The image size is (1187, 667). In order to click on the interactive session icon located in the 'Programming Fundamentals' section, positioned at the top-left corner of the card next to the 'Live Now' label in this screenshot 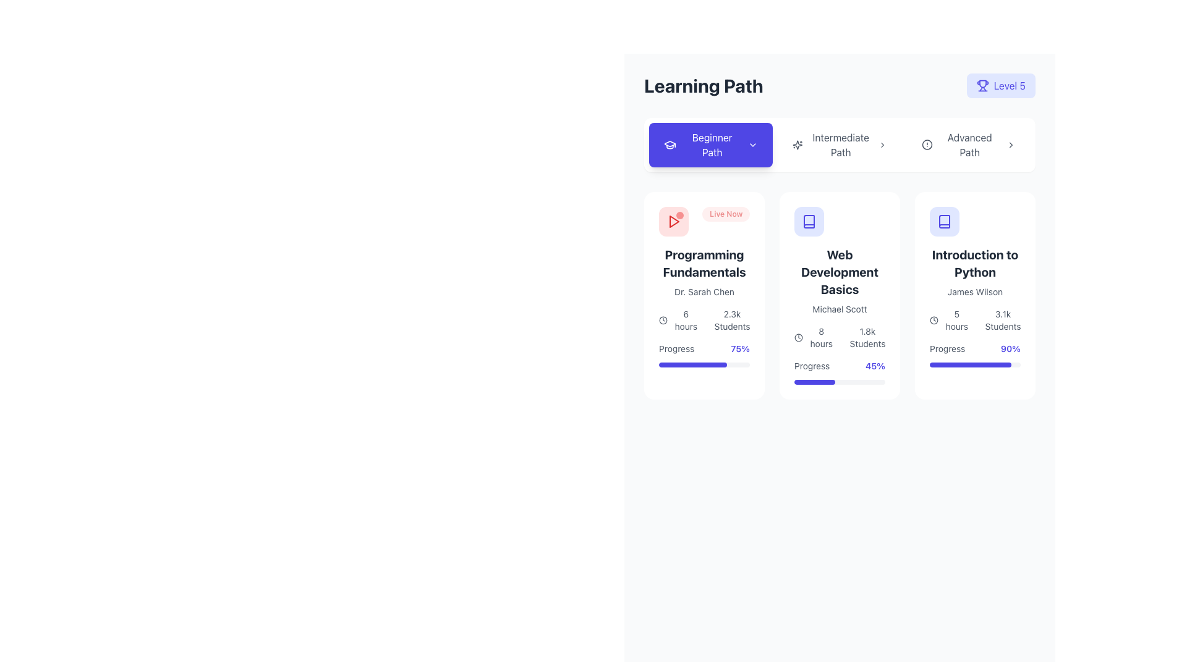, I will do `click(673, 220)`.